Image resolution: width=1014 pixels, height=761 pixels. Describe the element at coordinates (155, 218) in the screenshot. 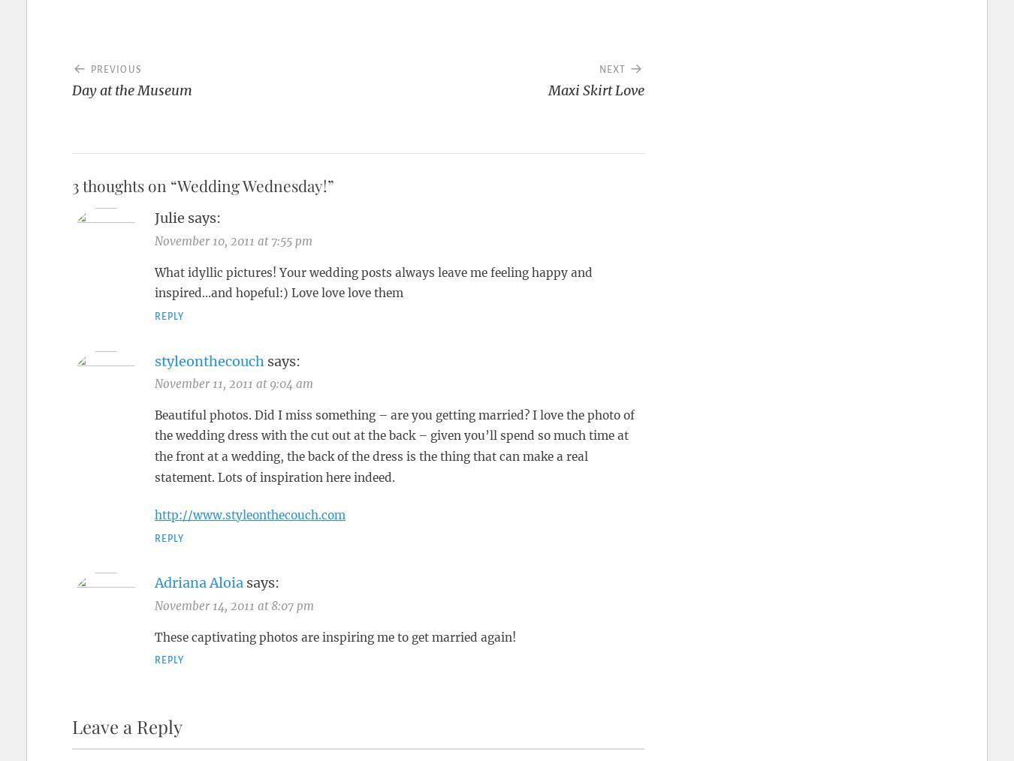

I see `'Julie'` at that location.